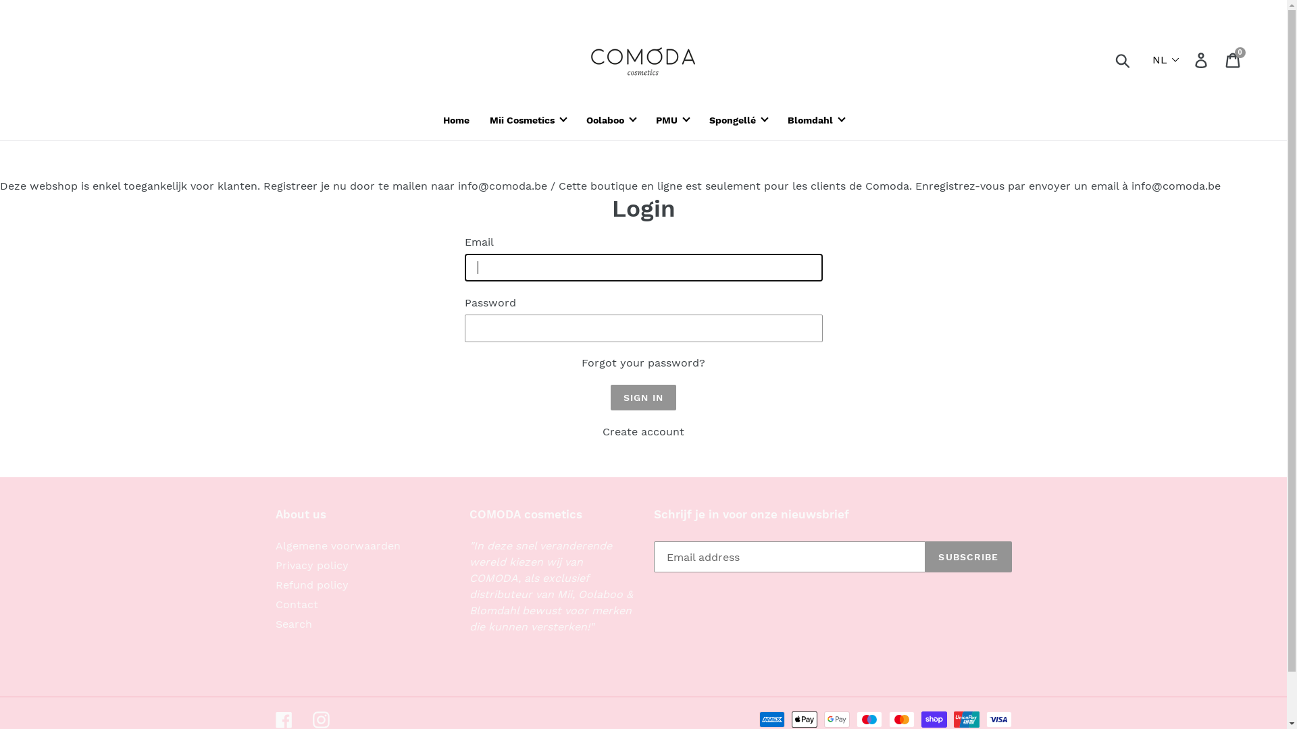 This screenshot has width=1297, height=729. What do you see at coordinates (644, 119) in the screenshot?
I see `'PMU'` at bounding box center [644, 119].